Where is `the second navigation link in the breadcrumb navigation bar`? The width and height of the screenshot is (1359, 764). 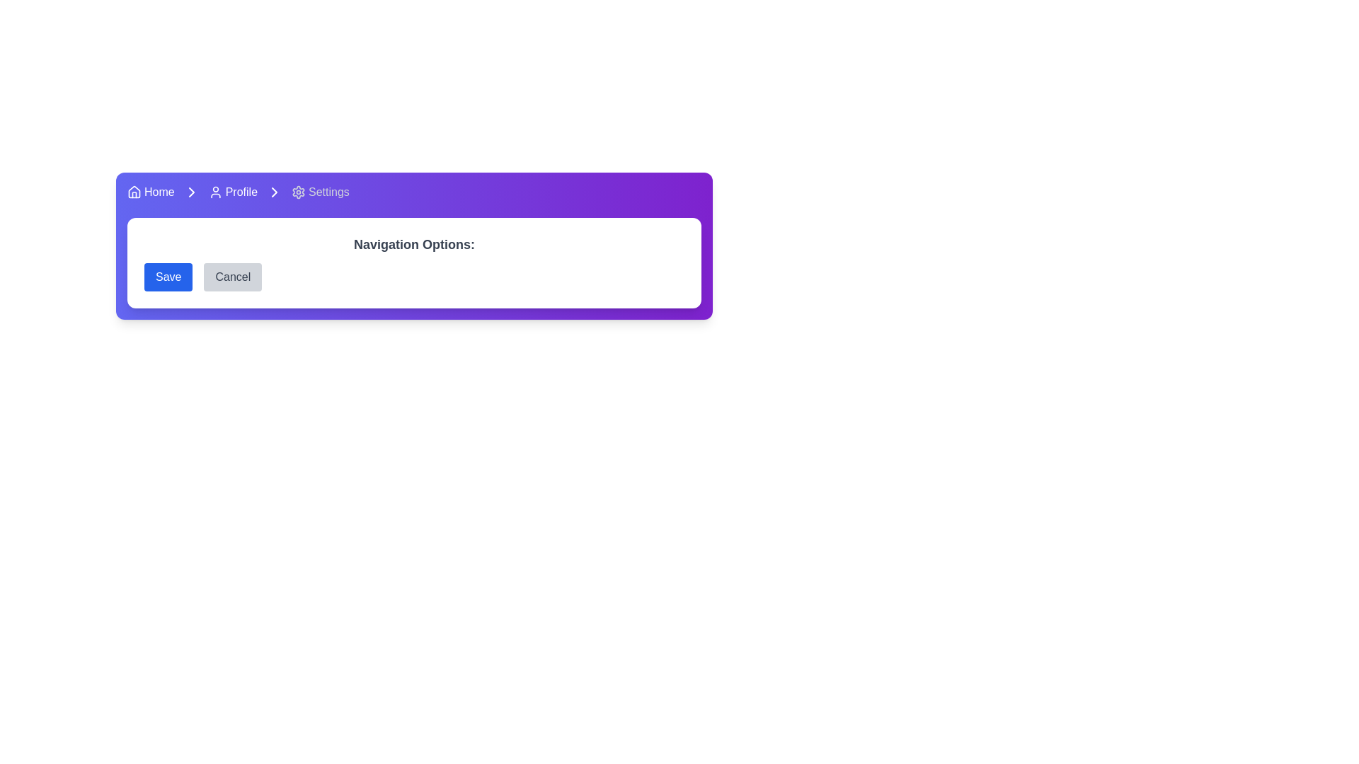
the second navigation link in the breadcrumb navigation bar is located at coordinates (233, 192).